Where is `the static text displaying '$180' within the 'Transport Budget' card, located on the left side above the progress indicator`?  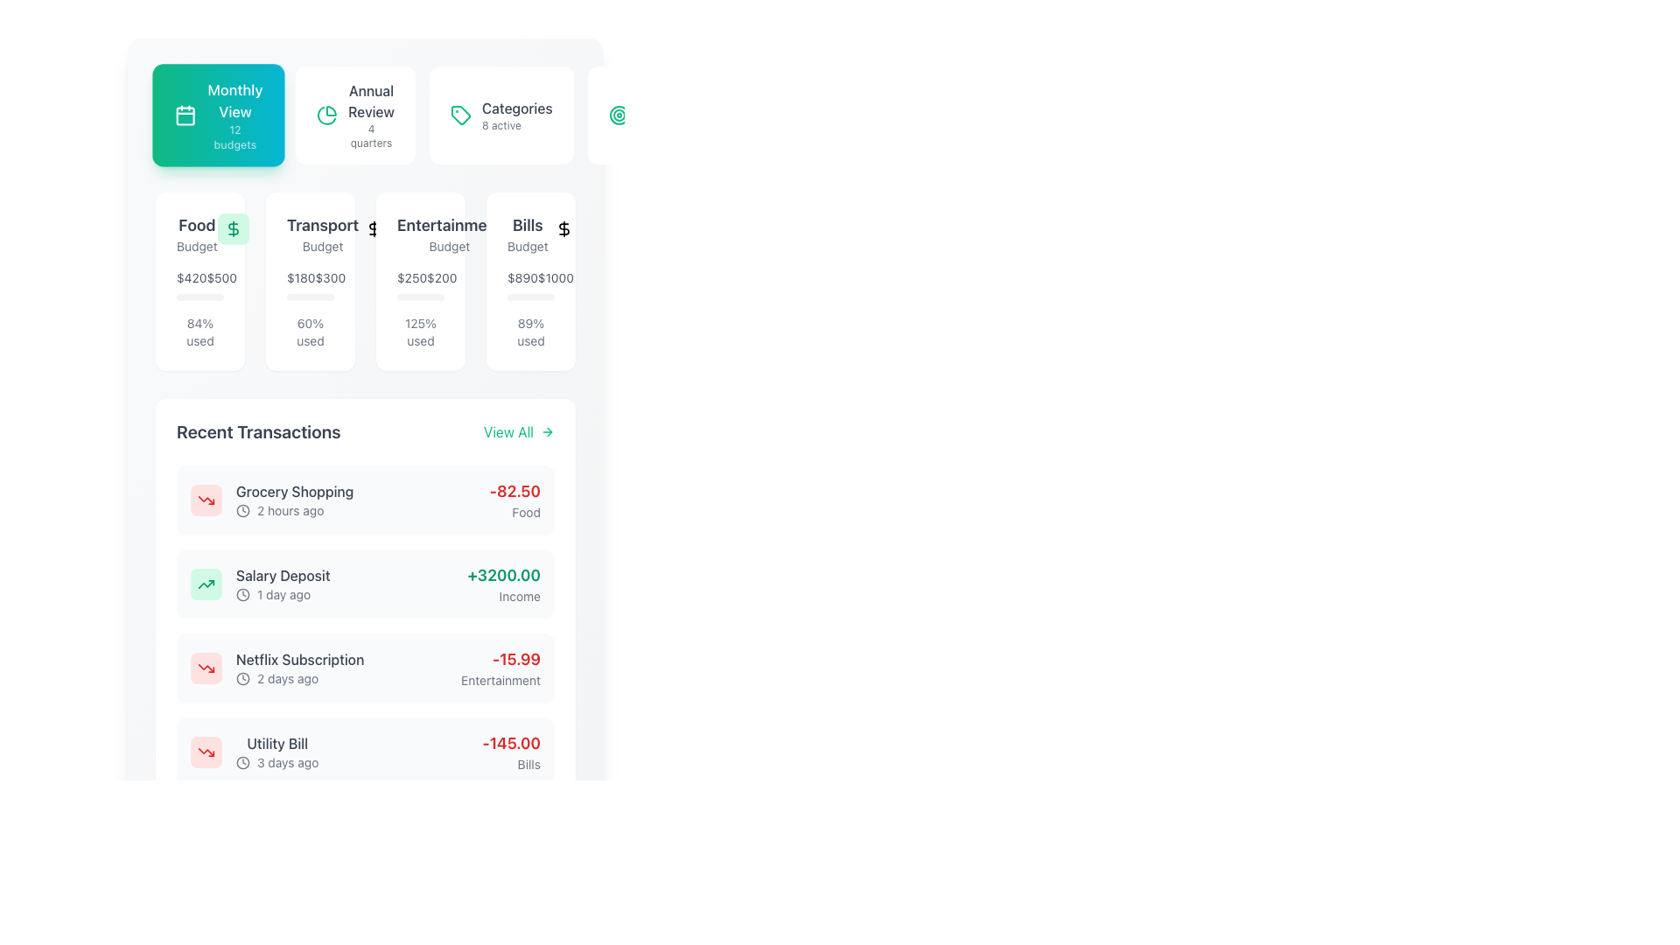 the static text displaying '$180' within the 'Transport Budget' card, located on the left side above the progress indicator is located at coordinates (301, 276).